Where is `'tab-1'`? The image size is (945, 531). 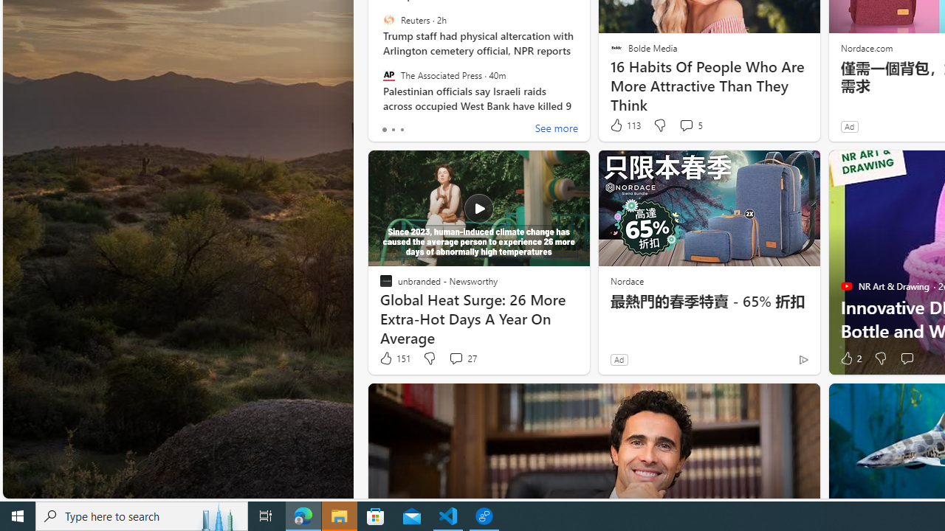
'tab-1' is located at coordinates (393, 129).